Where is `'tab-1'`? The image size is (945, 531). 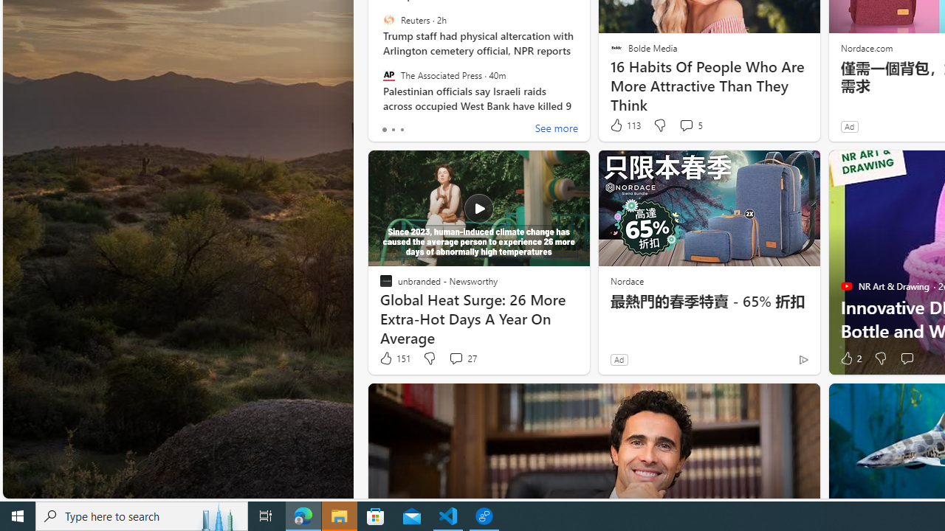
'tab-1' is located at coordinates (393, 129).